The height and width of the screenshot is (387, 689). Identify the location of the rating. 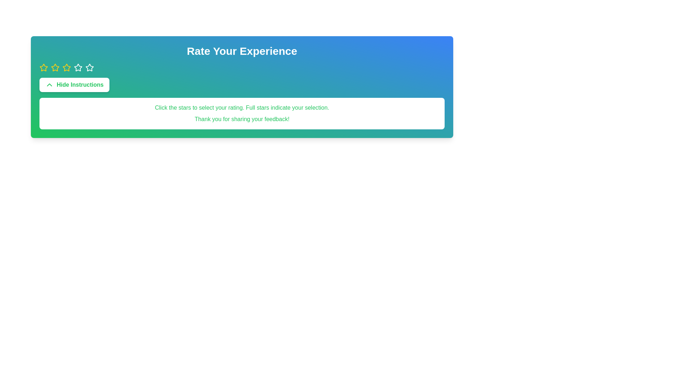
(67, 68).